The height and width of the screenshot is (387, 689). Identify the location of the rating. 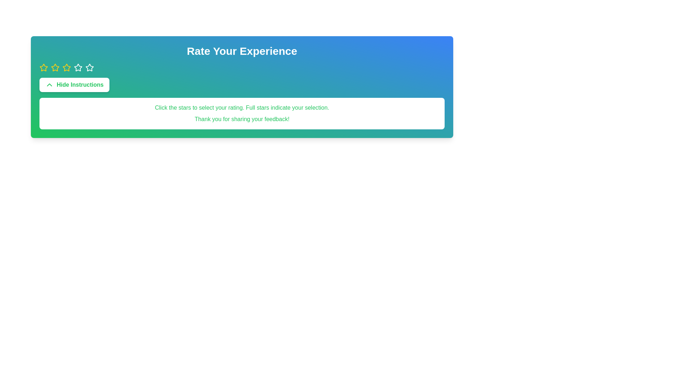
(67, 68).